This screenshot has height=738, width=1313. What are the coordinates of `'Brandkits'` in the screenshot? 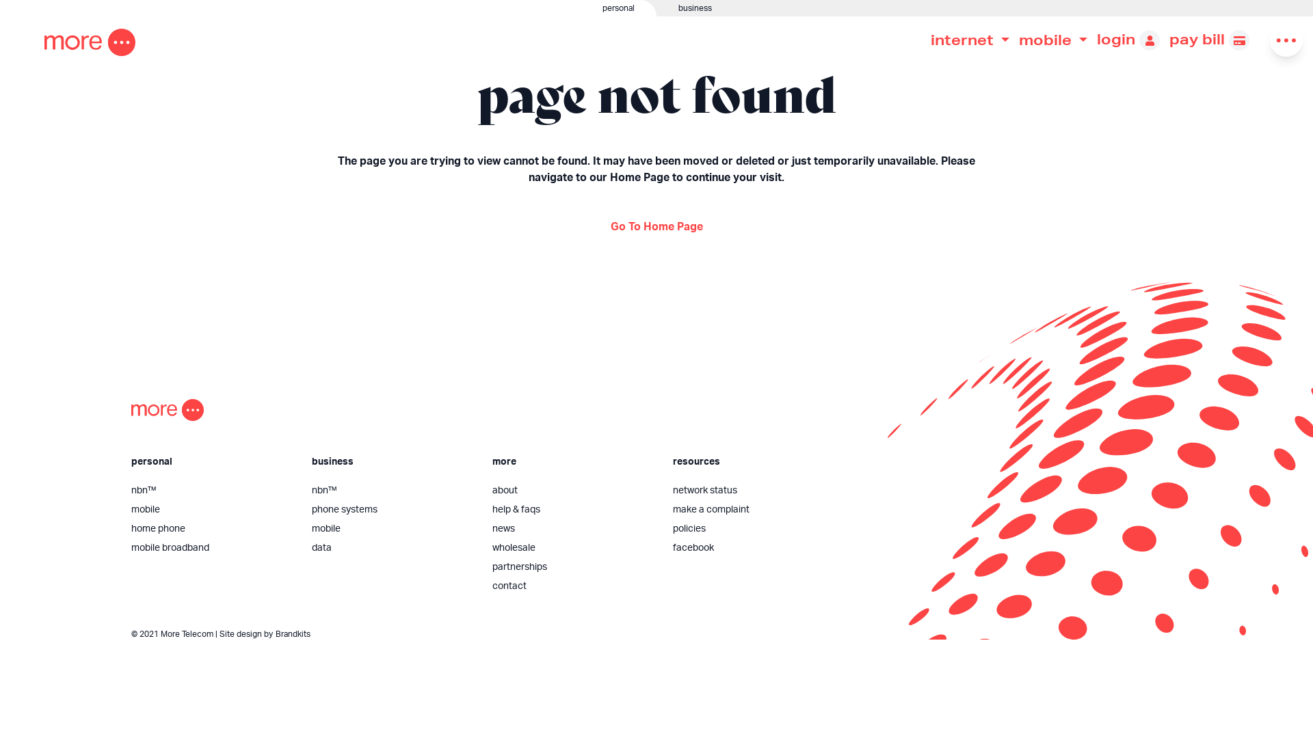 It's located at (292, 634).